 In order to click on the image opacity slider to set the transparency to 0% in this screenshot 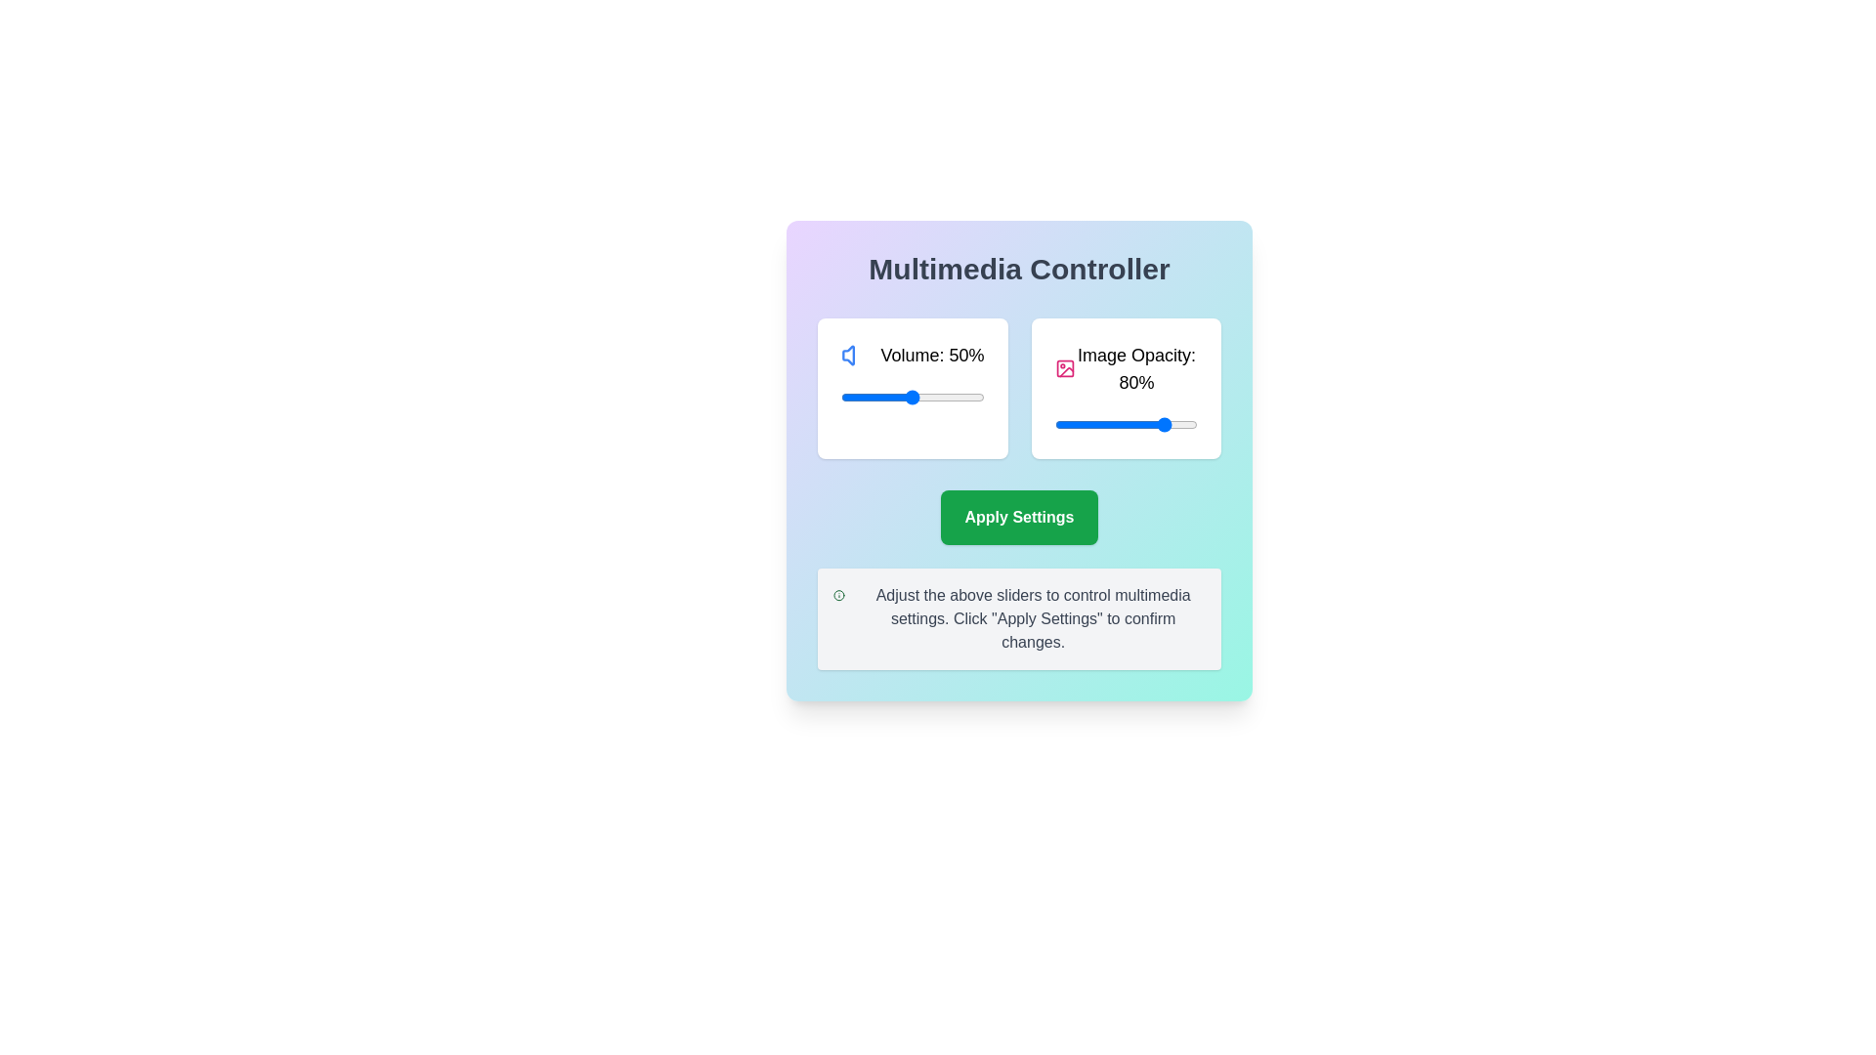, I will do `click(1053, 424)`.